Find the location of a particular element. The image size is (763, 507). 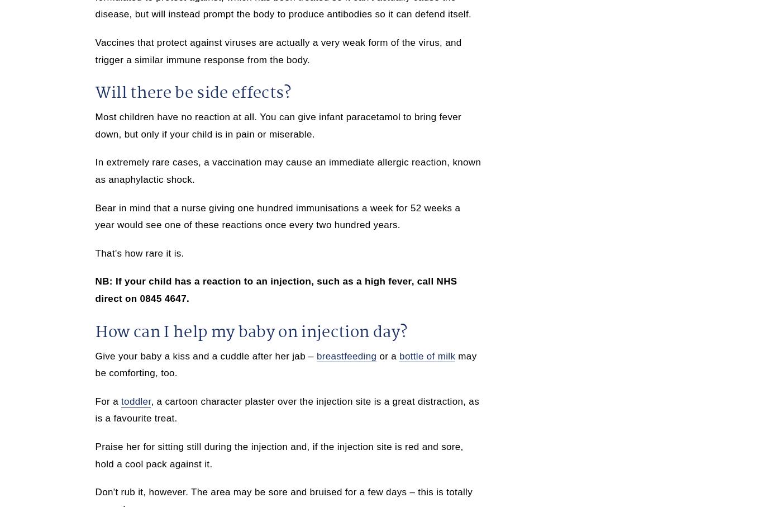

'Praise her for sitting still during the injection and, if the injection site is red and sore, hold a cool pack against it.' is located at coordinates (94, 455).